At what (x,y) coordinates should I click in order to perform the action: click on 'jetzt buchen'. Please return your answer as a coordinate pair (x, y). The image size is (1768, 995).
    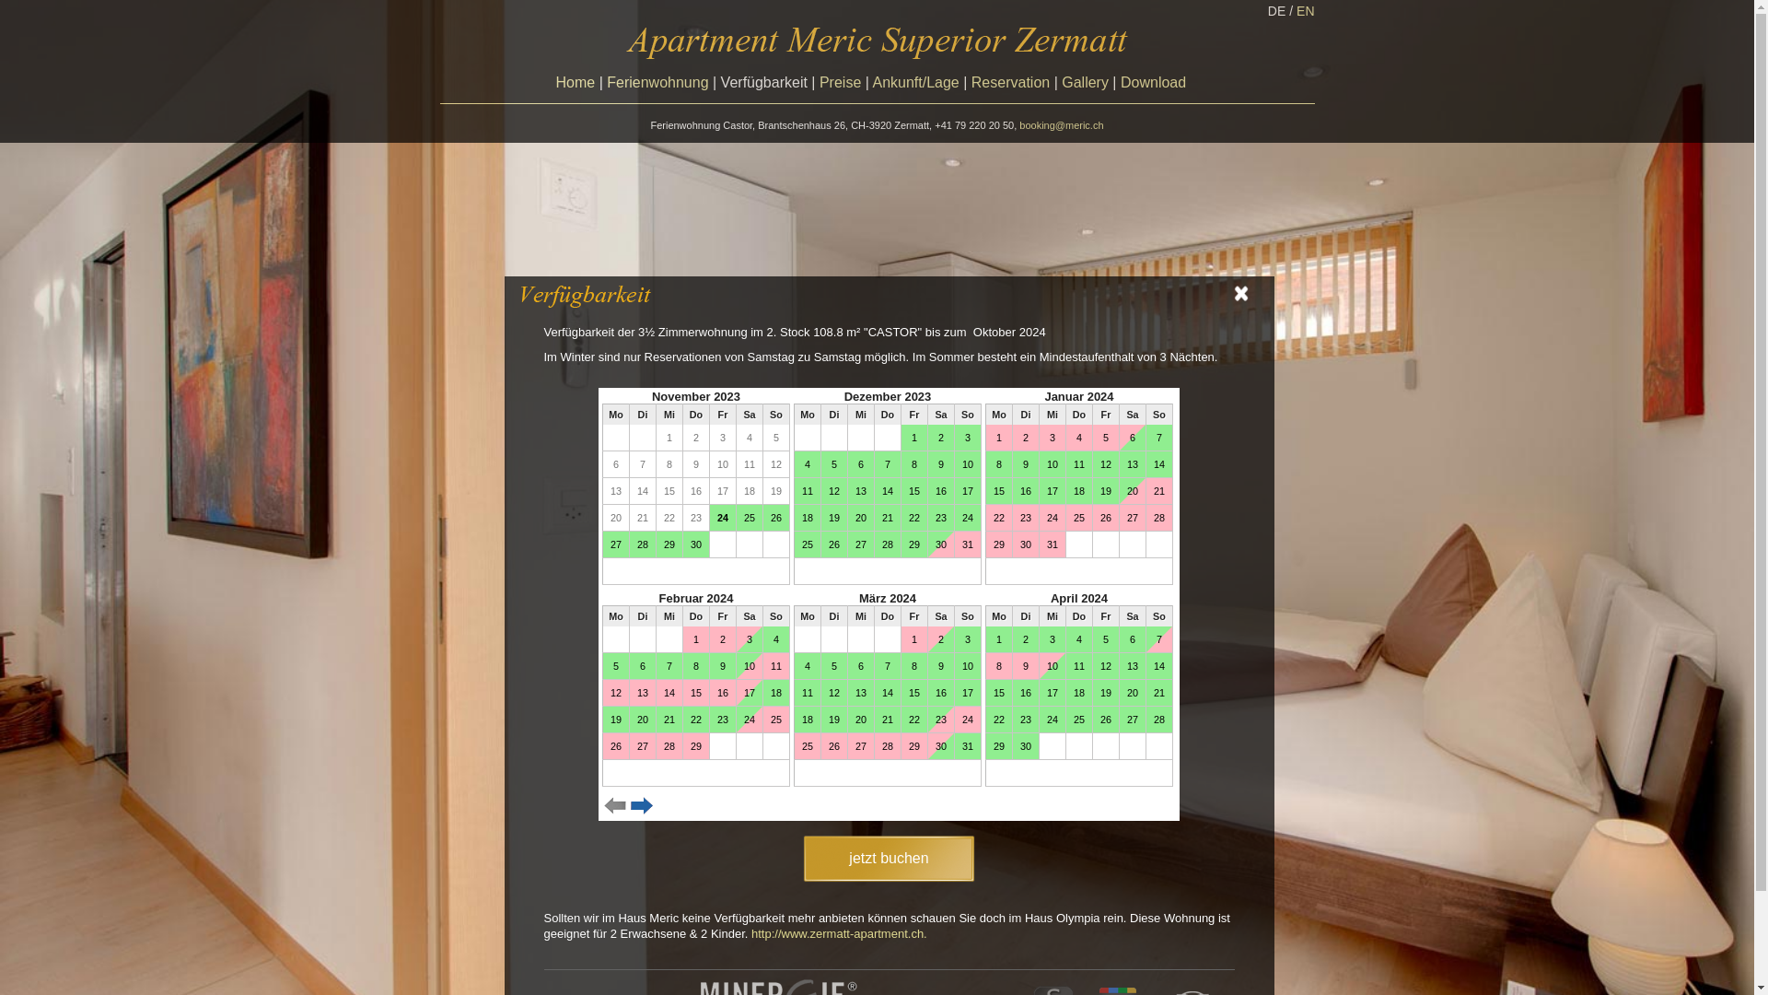
    Looking at the image, I should click on (888, 858).